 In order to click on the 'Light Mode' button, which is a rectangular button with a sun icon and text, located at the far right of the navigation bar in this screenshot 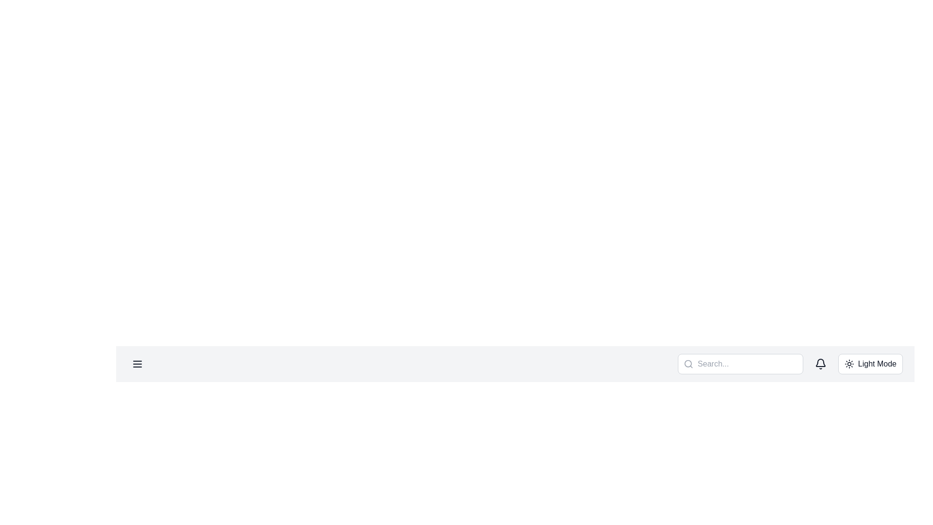, I will do `click(870, 364)`.